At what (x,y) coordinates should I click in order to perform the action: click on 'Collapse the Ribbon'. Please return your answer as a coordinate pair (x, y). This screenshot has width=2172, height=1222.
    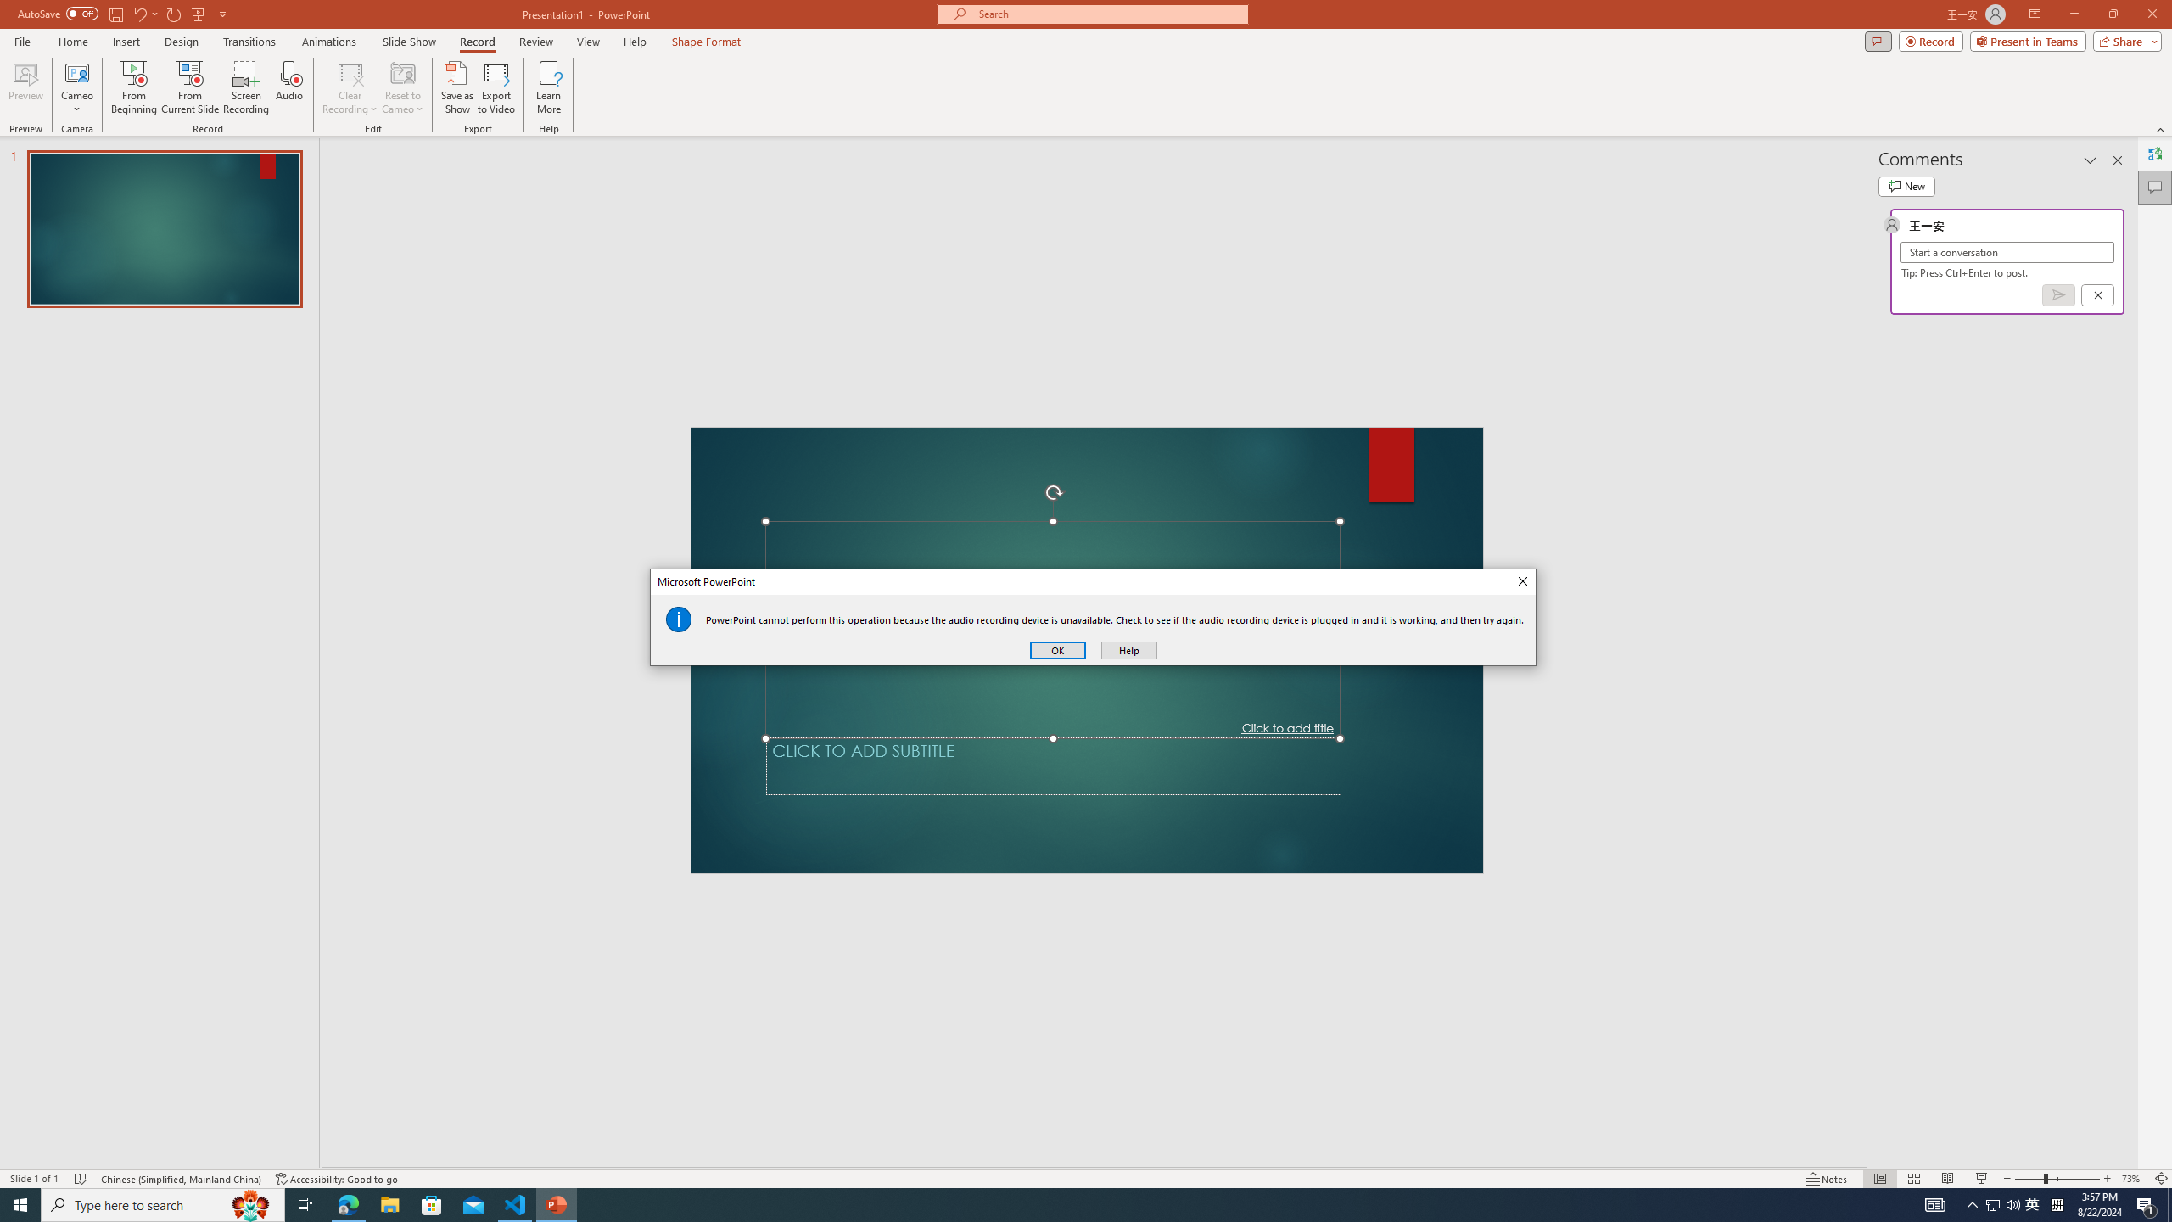
    Looking at the image, I should click on (2161, 130).